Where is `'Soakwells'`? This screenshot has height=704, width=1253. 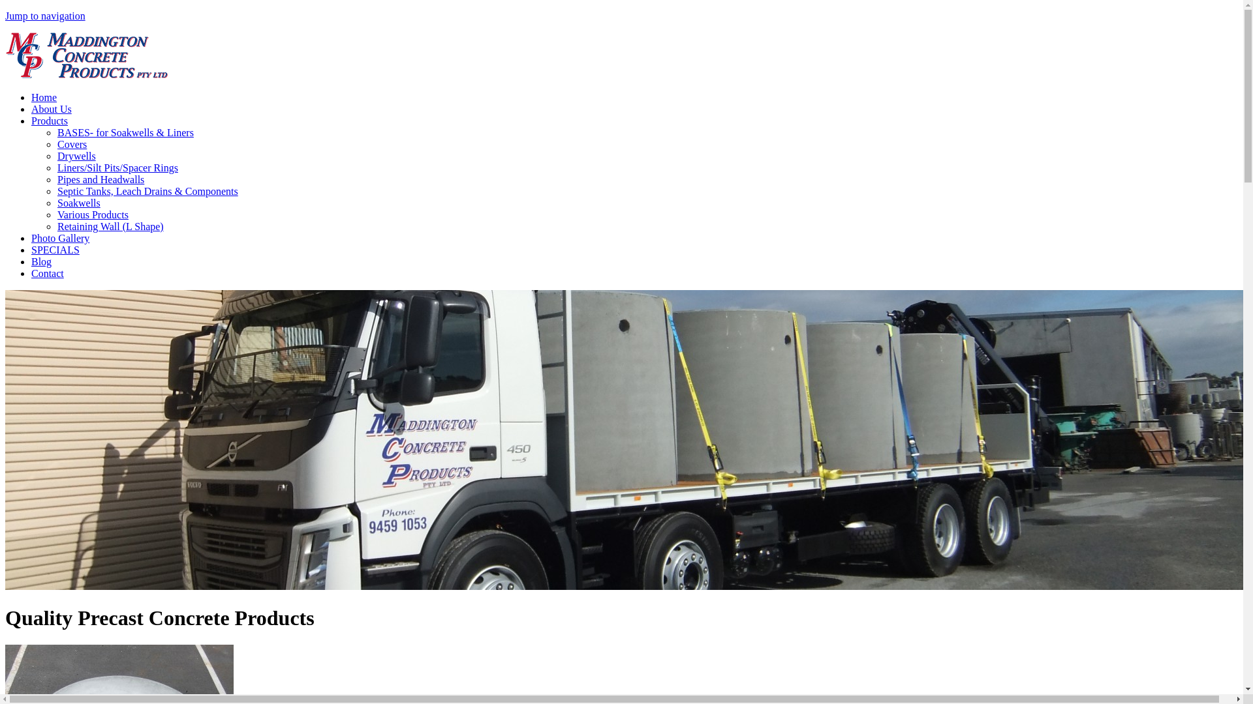 'Soakwells' is located at coordinates (78, 203).